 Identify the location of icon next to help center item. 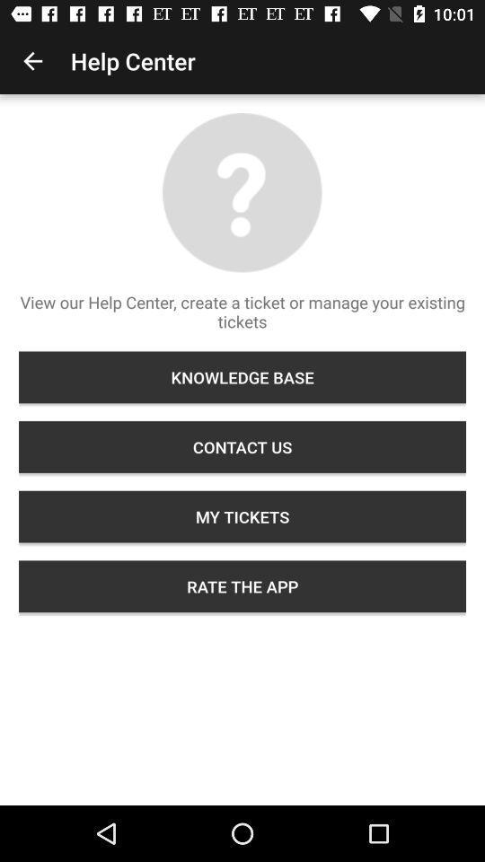
(32, 61).